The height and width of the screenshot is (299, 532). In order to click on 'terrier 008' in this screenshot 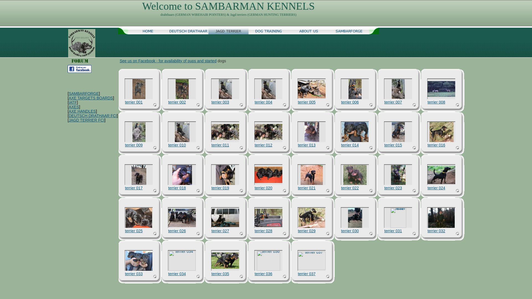, I will do `click(436, 102)`.